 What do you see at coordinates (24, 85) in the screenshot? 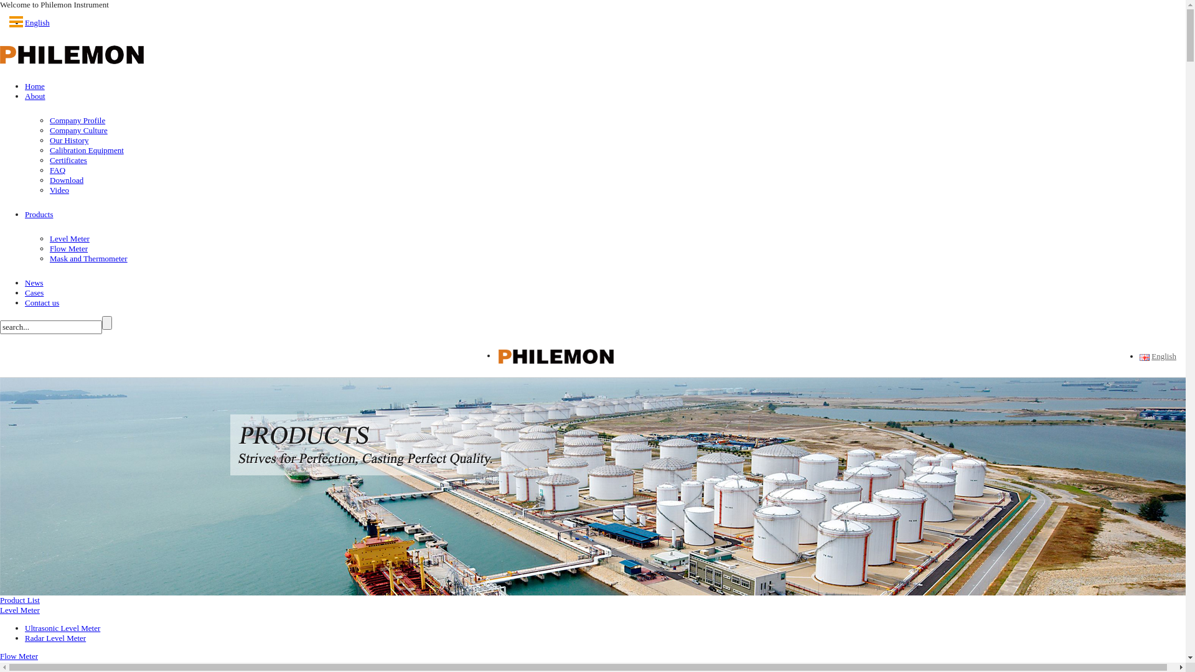
I see `'Home'` at bounding box center [24, 85].